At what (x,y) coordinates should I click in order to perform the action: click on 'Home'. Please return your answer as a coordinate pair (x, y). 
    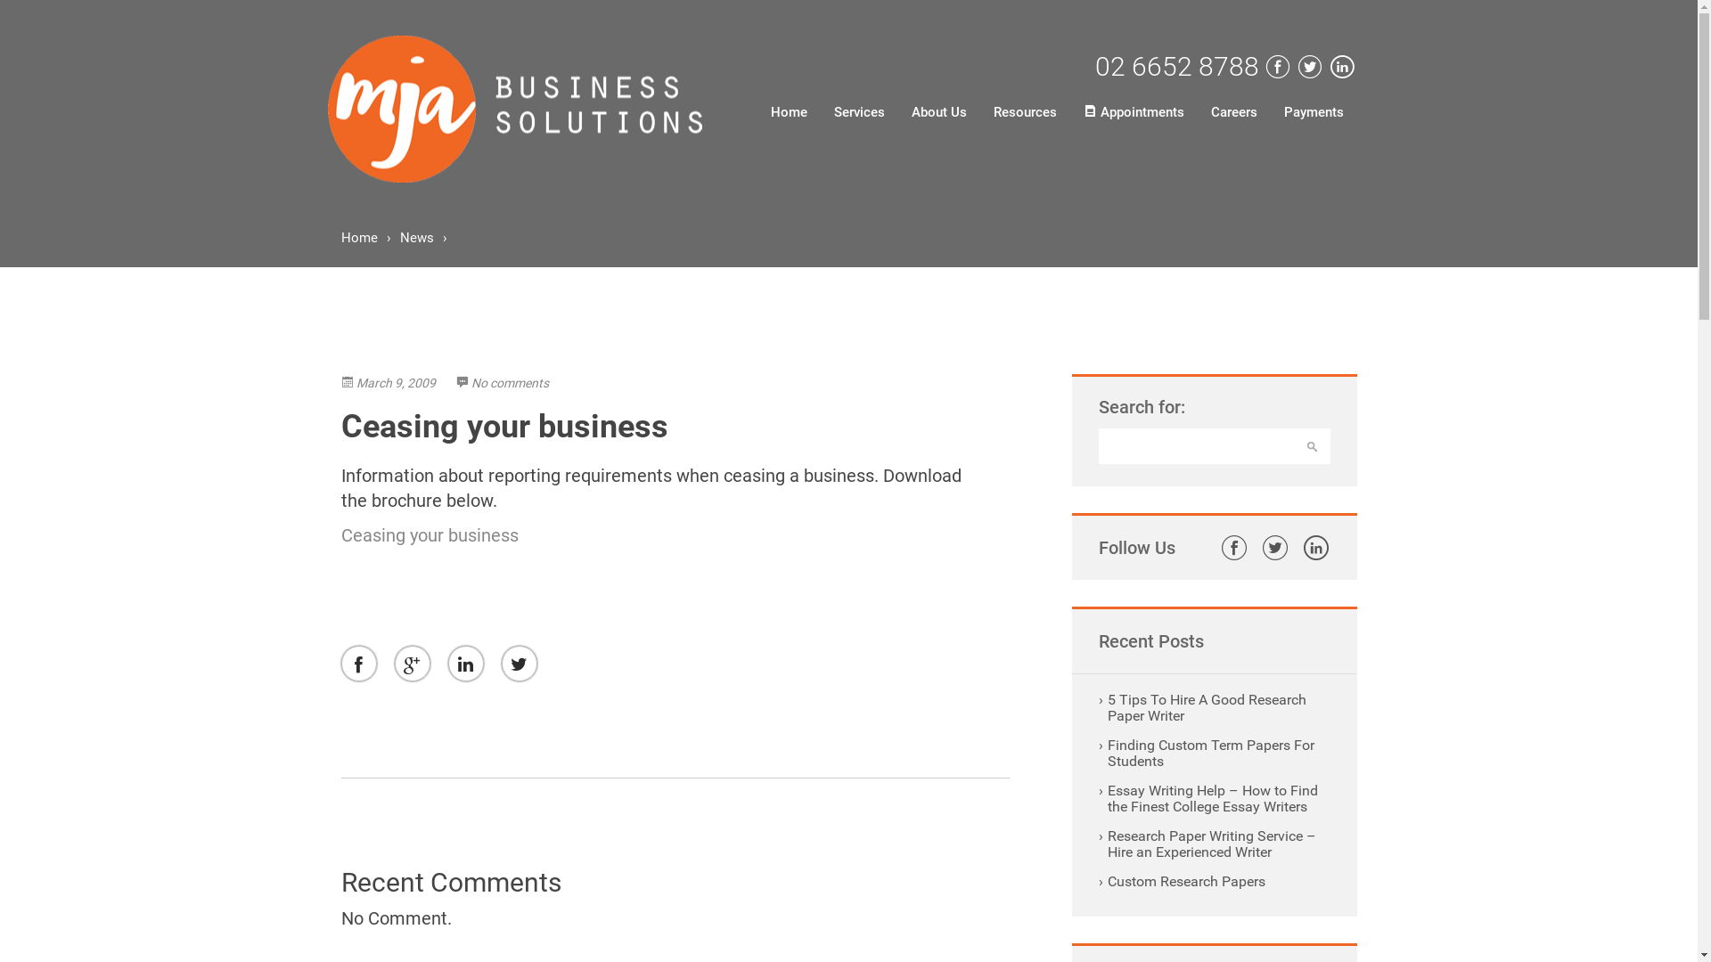
    Looking at the image, I should click on (357, 236).